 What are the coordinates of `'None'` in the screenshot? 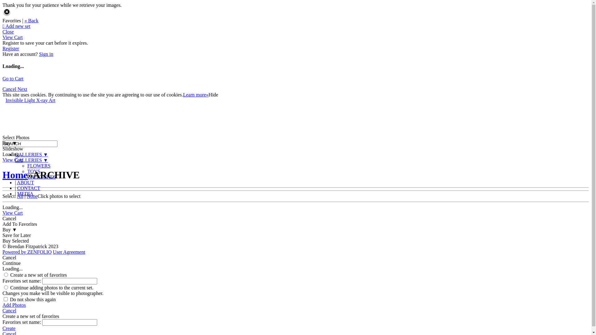 It's located at (32, 196).